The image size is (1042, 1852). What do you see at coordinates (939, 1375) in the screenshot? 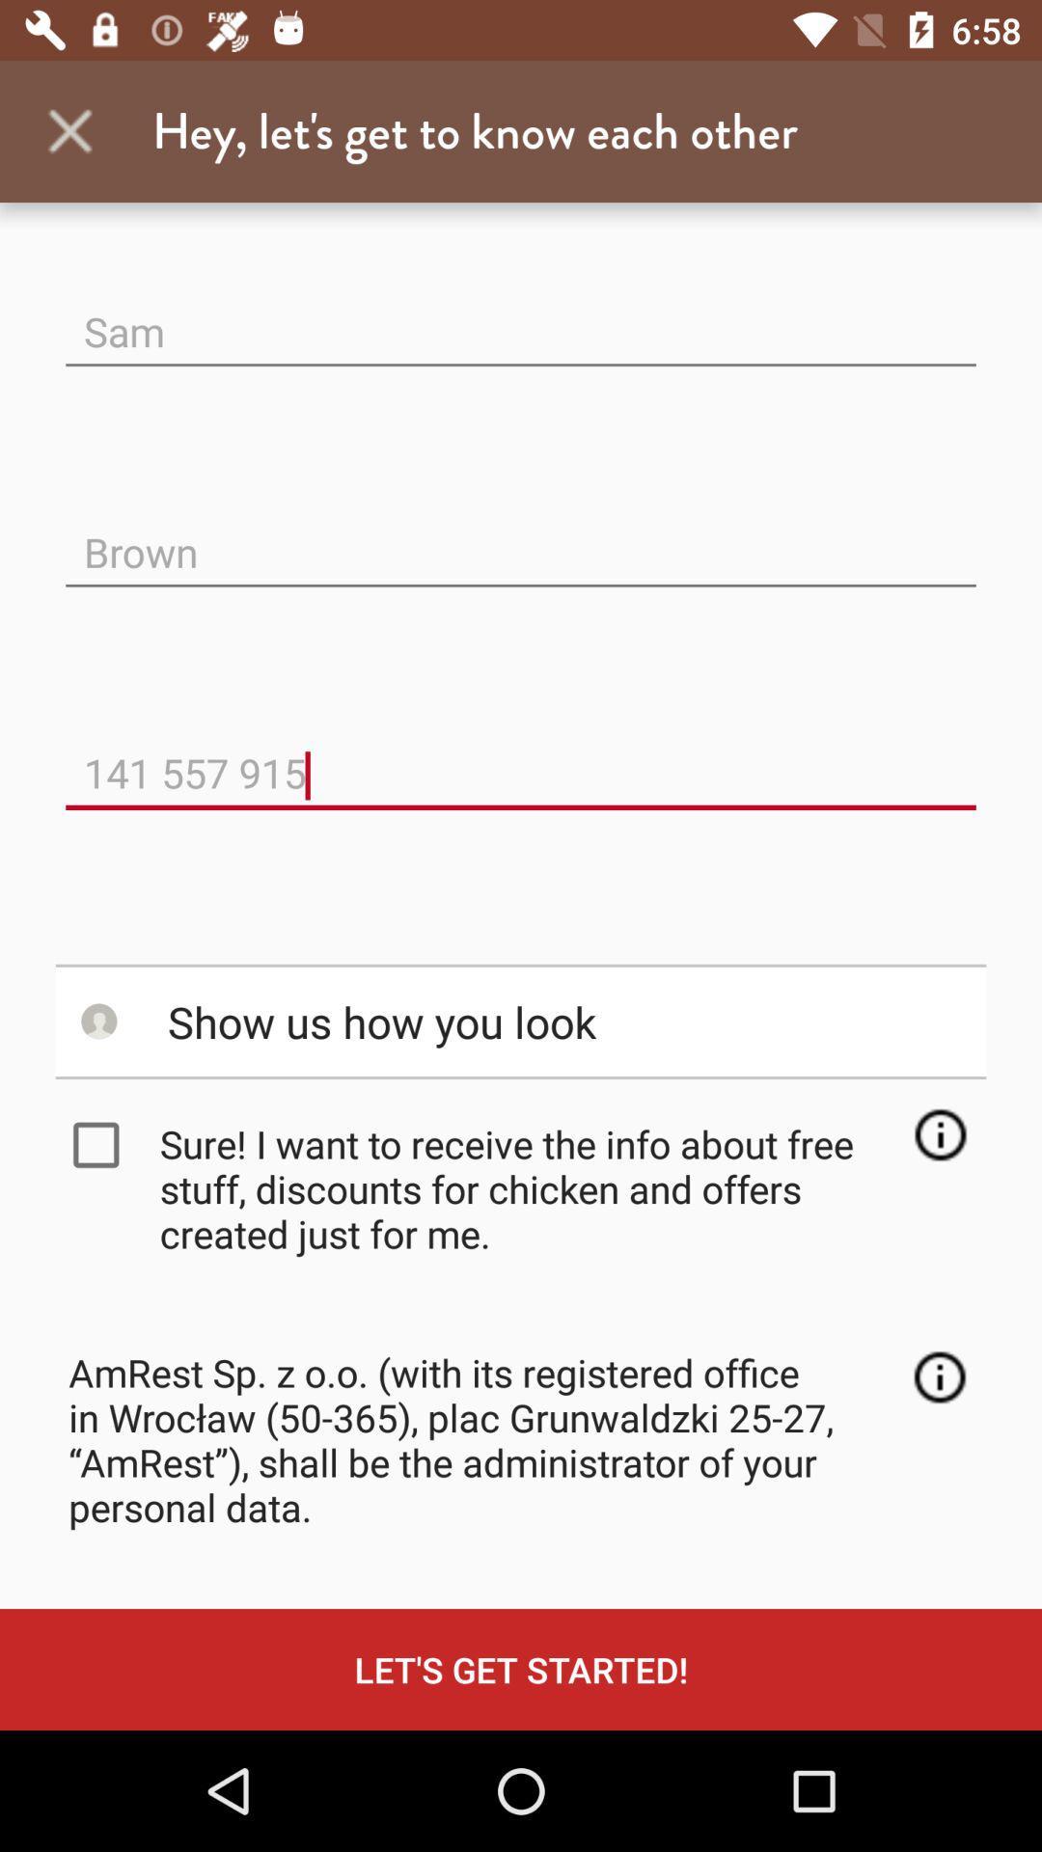
I see `the info icon` at bounding box center [939, 1375].